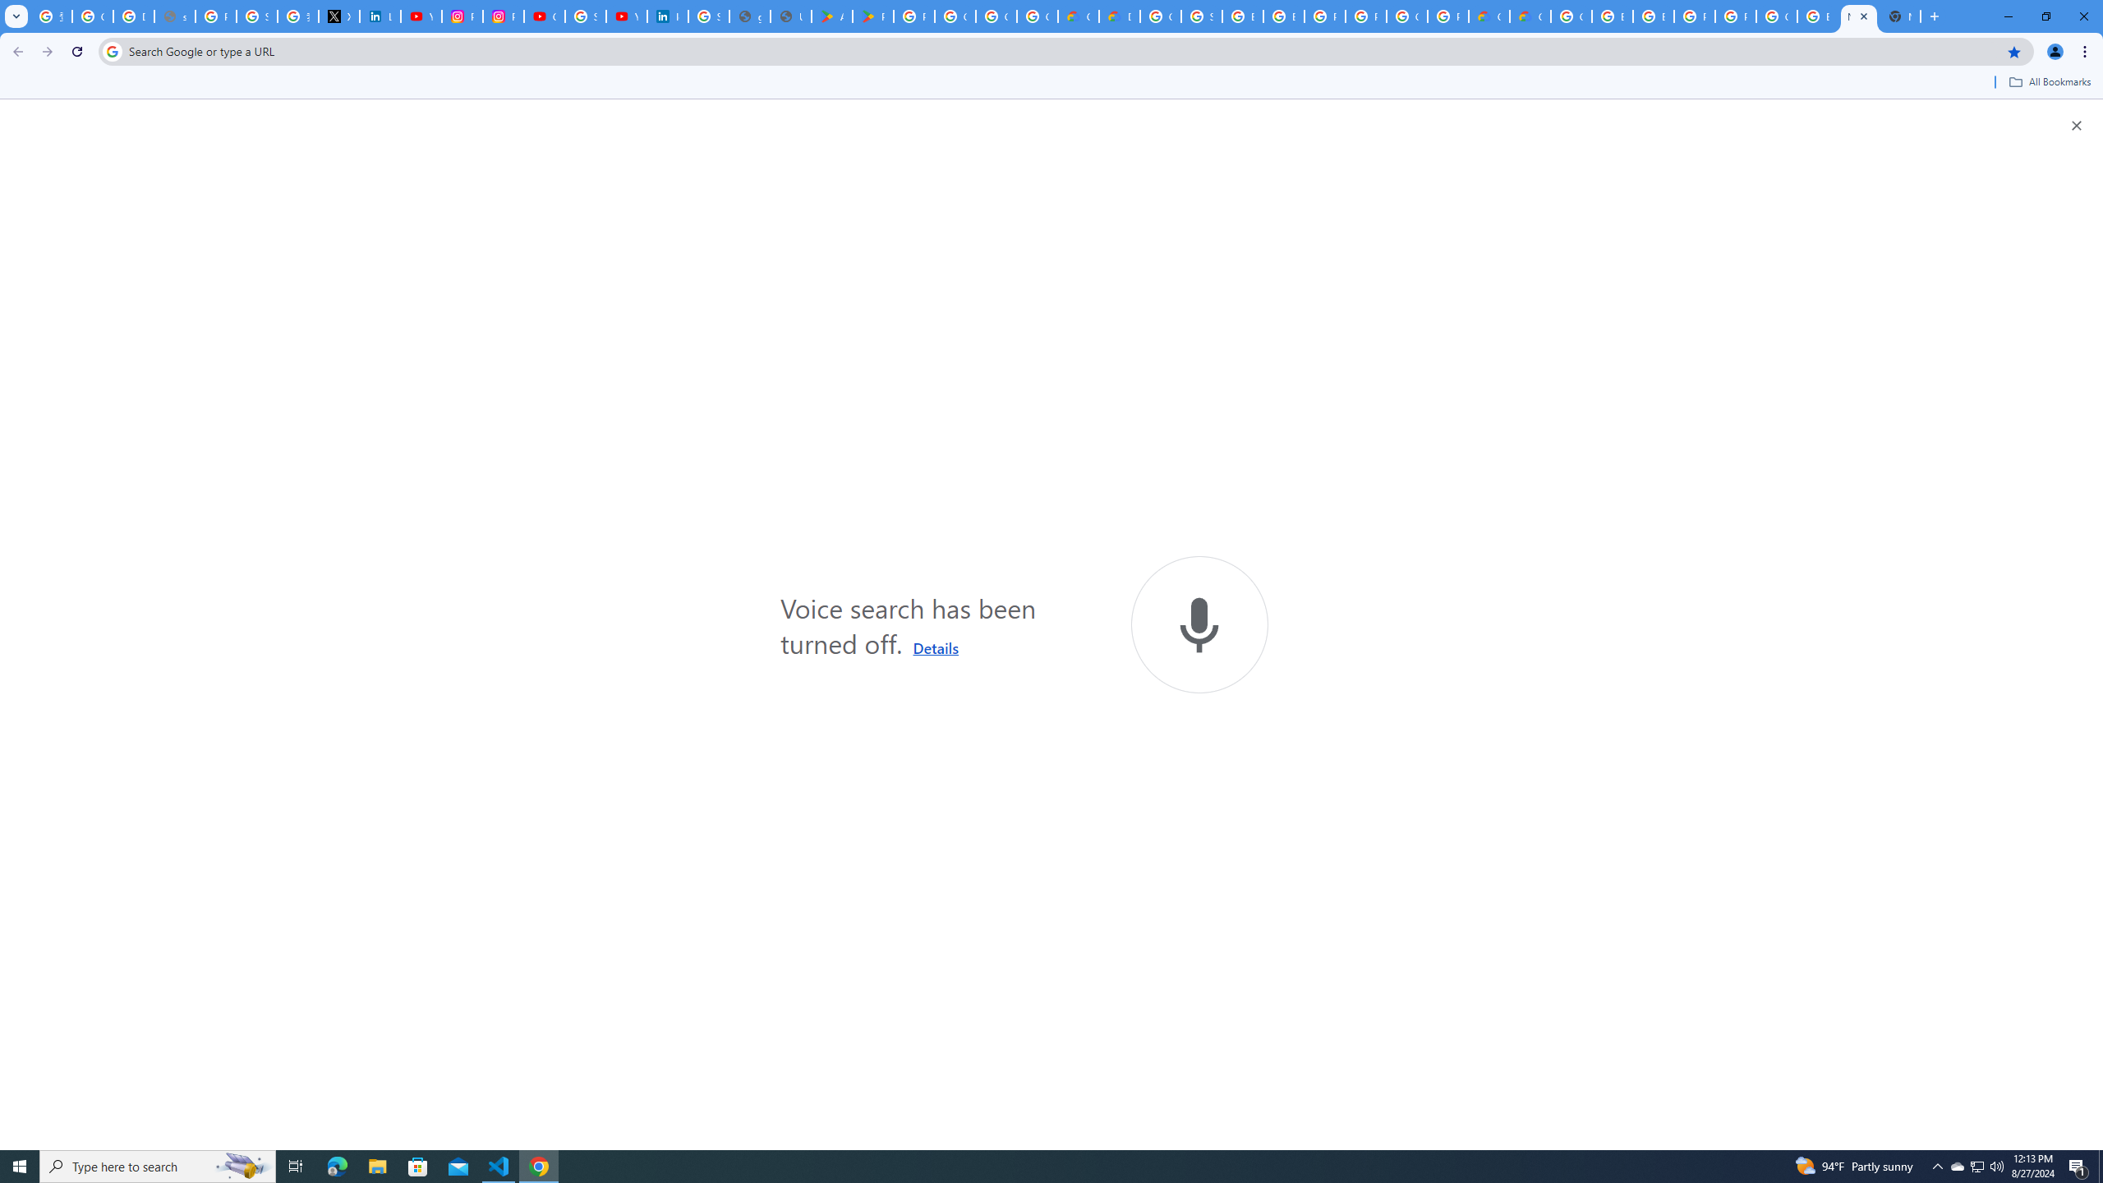 The width and height of the screenshot is (2103, 1183). Describe the element at coordinates (873, 16) in the screenshot. I see `'PAW Patrol Rescue World - Apps on Google Play'` at that location.